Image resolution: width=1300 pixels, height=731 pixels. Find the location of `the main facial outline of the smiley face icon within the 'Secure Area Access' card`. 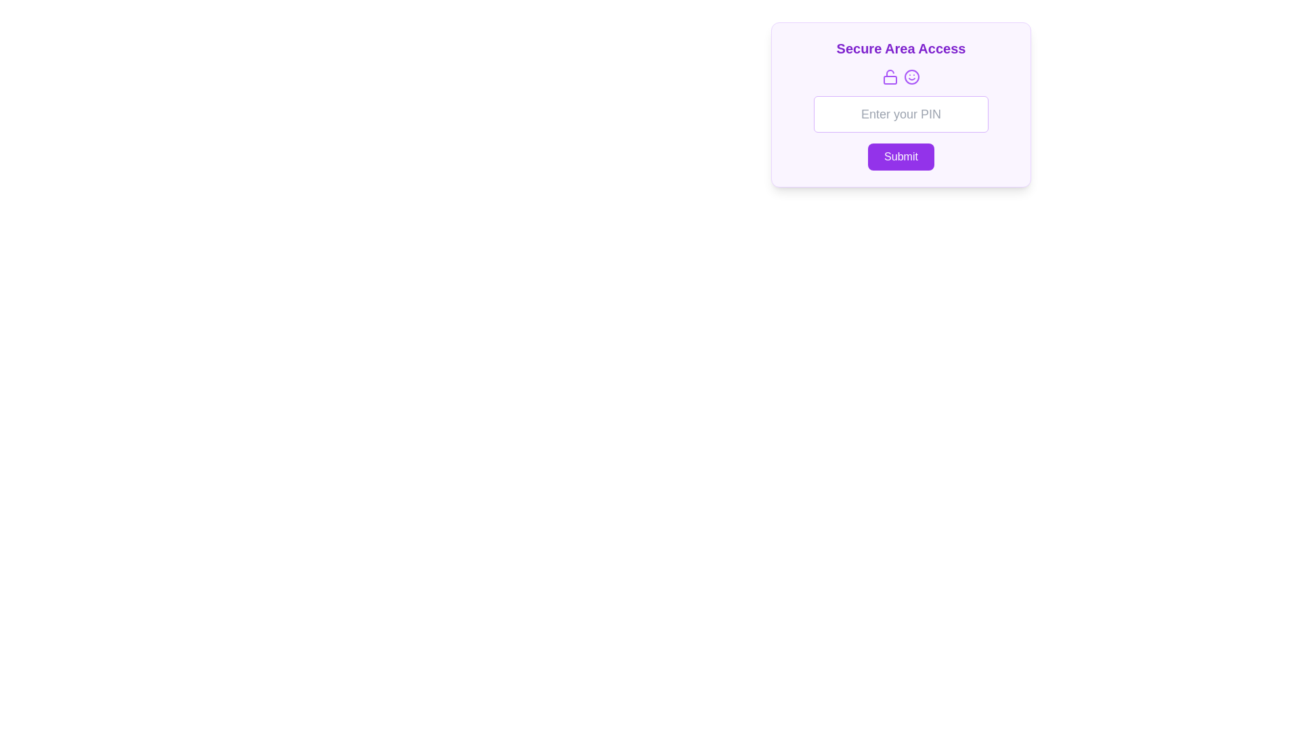

the main facial outline of the smiley face icon within the 'Secure Area Access' card is located at coordinates (912, 77).